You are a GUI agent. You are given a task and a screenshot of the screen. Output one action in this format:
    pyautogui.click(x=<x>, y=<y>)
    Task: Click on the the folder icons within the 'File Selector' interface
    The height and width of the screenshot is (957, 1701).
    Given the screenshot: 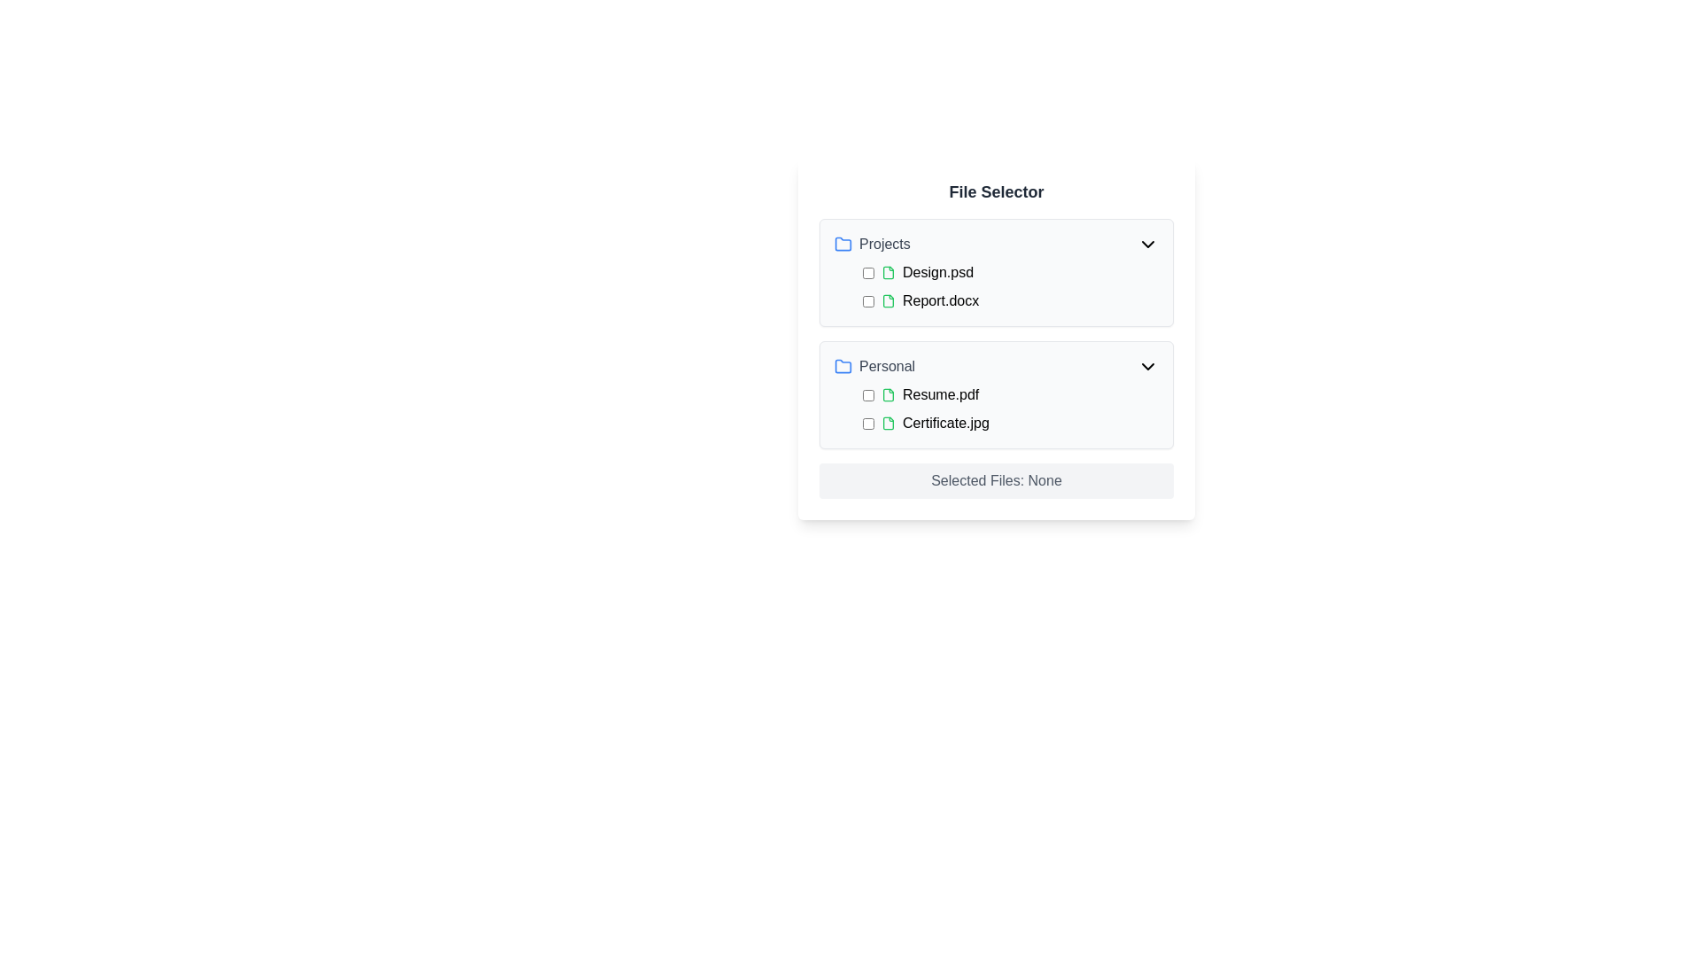 What is the action you would take?
    pyautogui.click(x=996, y=338)
    